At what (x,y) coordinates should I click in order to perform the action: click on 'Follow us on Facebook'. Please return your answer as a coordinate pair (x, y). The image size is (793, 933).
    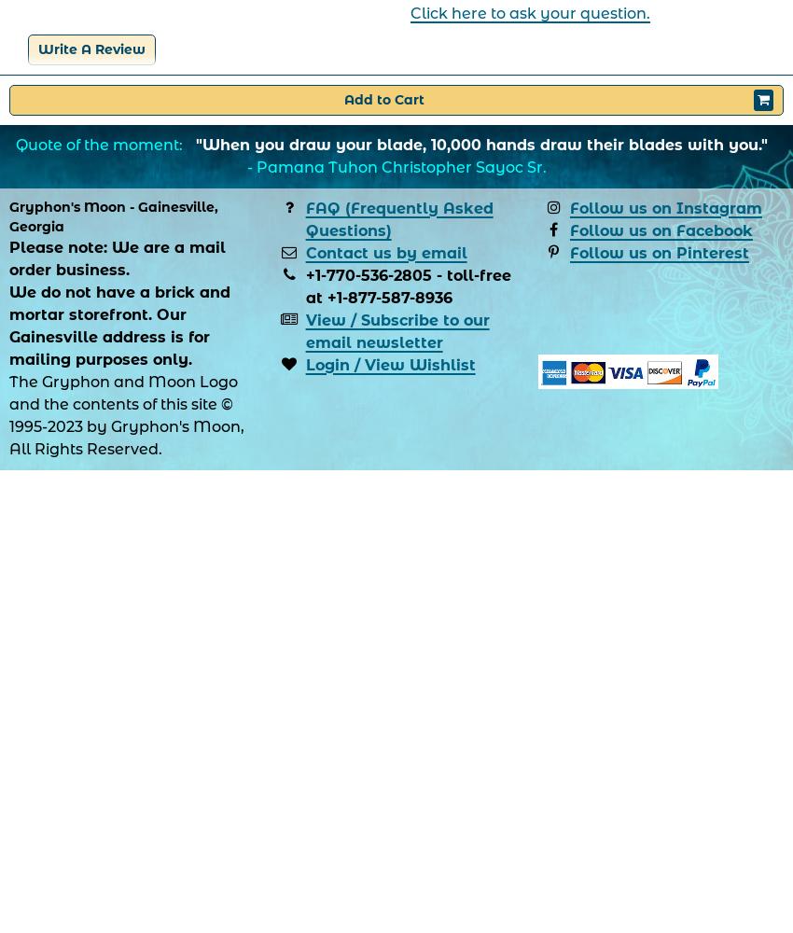
    Looking at the image, I should click on (659, 229).